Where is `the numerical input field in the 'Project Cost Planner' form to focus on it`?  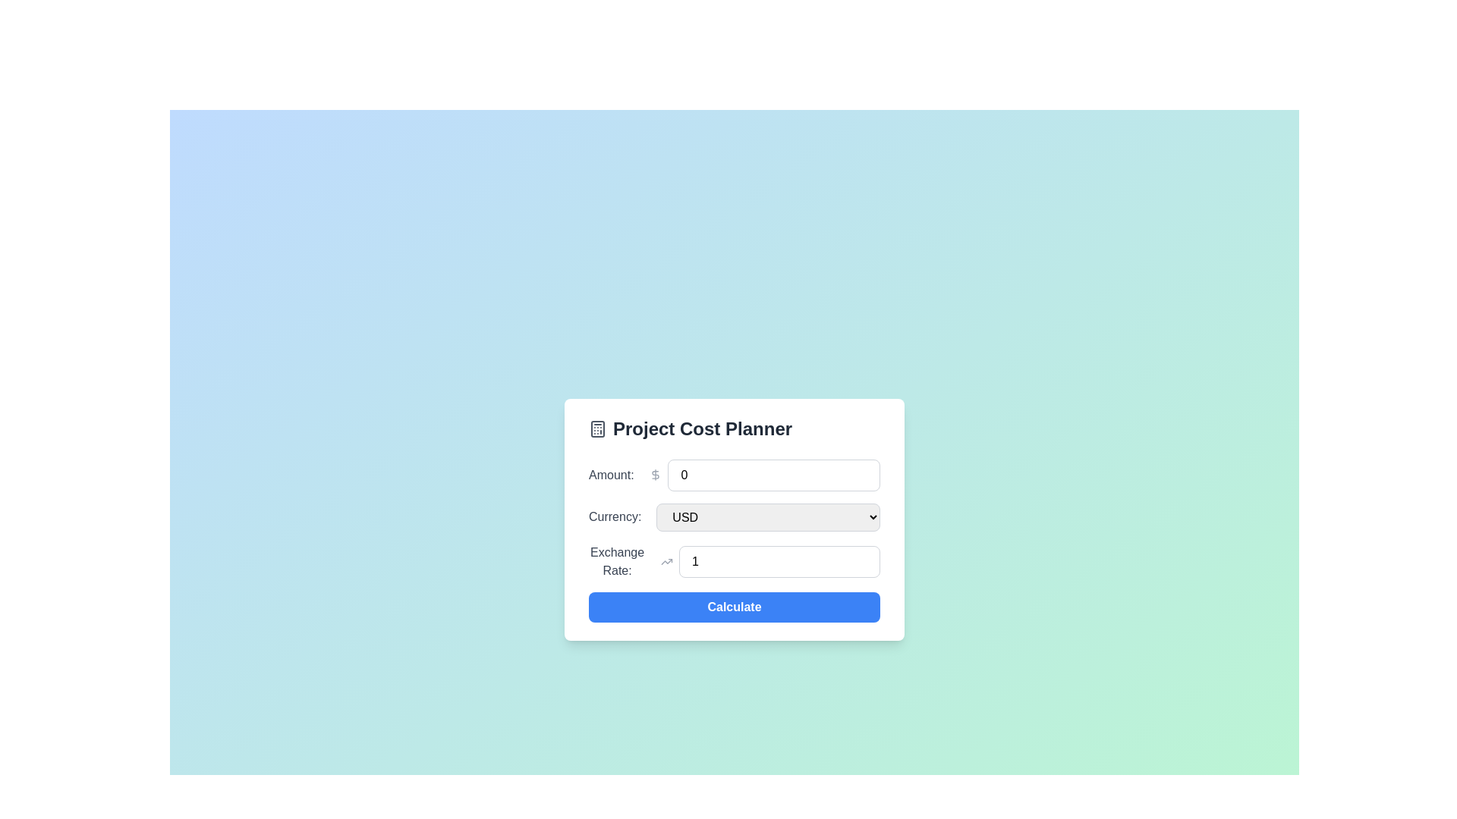
the numerical input field in the 'Project Cost Planner' form to focus on it is located at coordinates (779, 561).